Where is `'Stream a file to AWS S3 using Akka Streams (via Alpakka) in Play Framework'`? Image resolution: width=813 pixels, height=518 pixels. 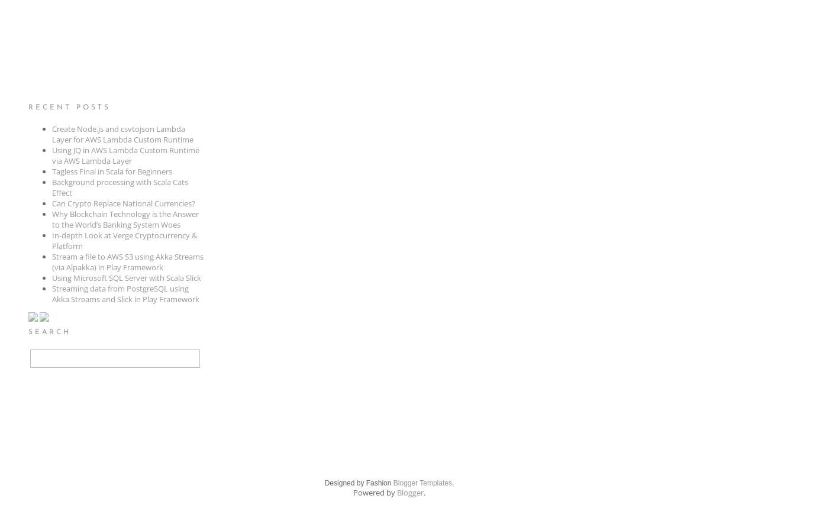
'Stream a file to AWS S3 using Akka Streams (via Alpakka) in Play Framework' is located at coordinates (51, 261).